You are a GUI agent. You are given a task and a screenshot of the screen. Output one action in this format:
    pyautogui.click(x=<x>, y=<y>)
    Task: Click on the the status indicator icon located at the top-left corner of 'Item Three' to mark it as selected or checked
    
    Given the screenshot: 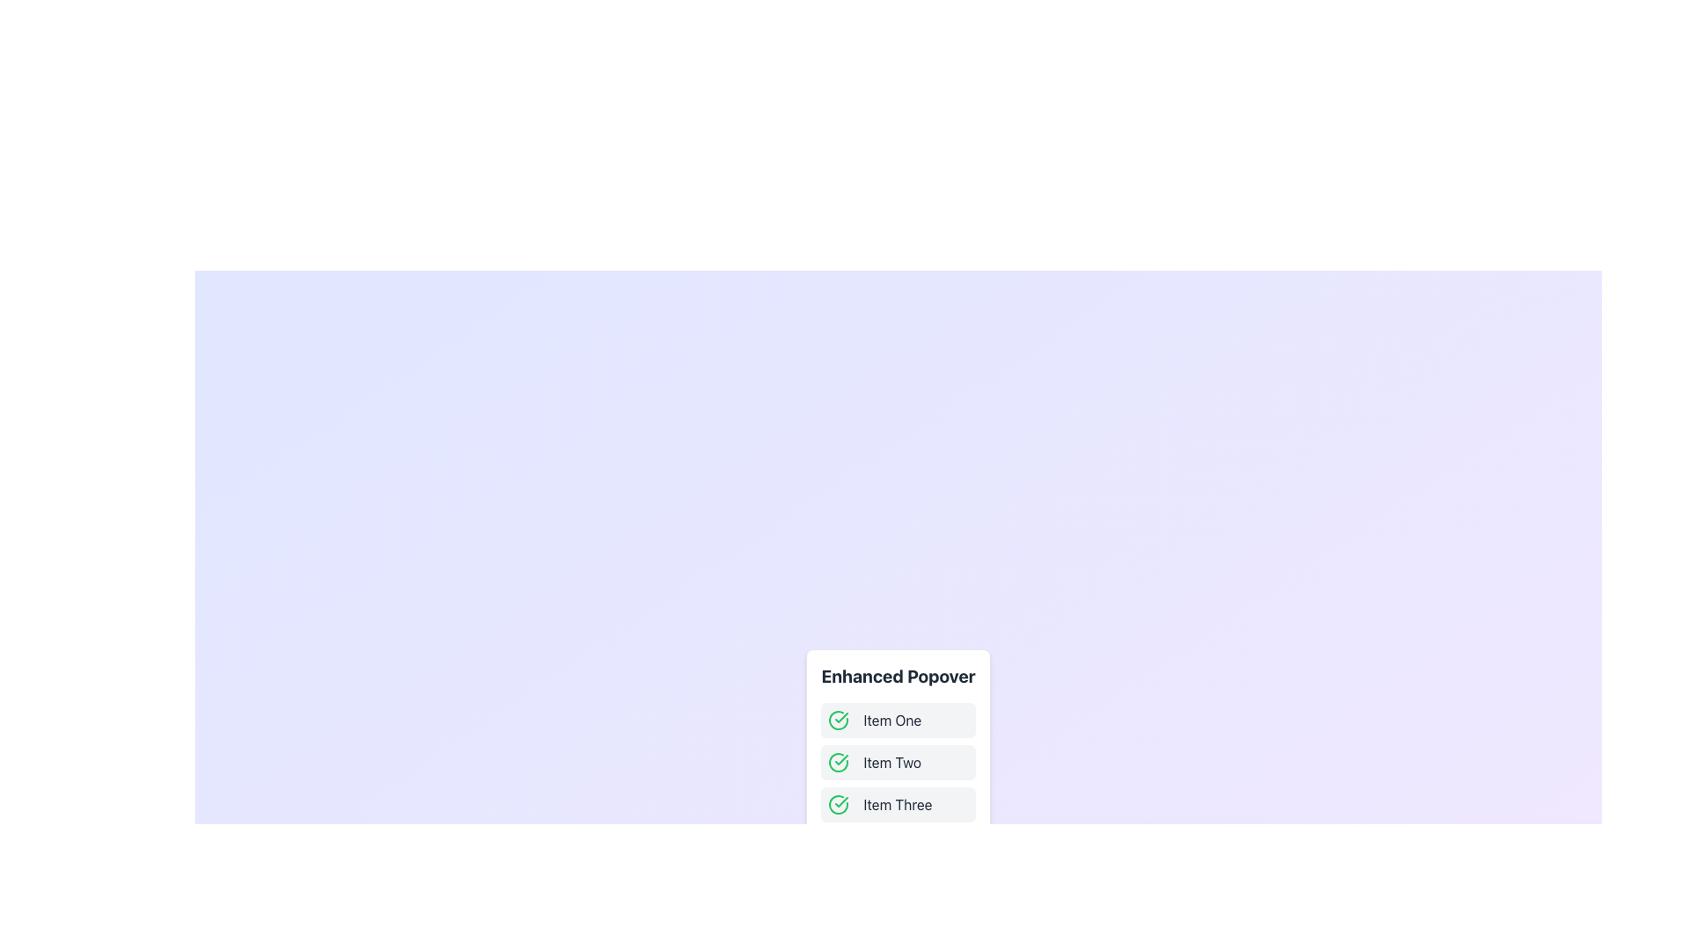 What is the action you would take?
    pyautogui.click(x=838, y=804)
    